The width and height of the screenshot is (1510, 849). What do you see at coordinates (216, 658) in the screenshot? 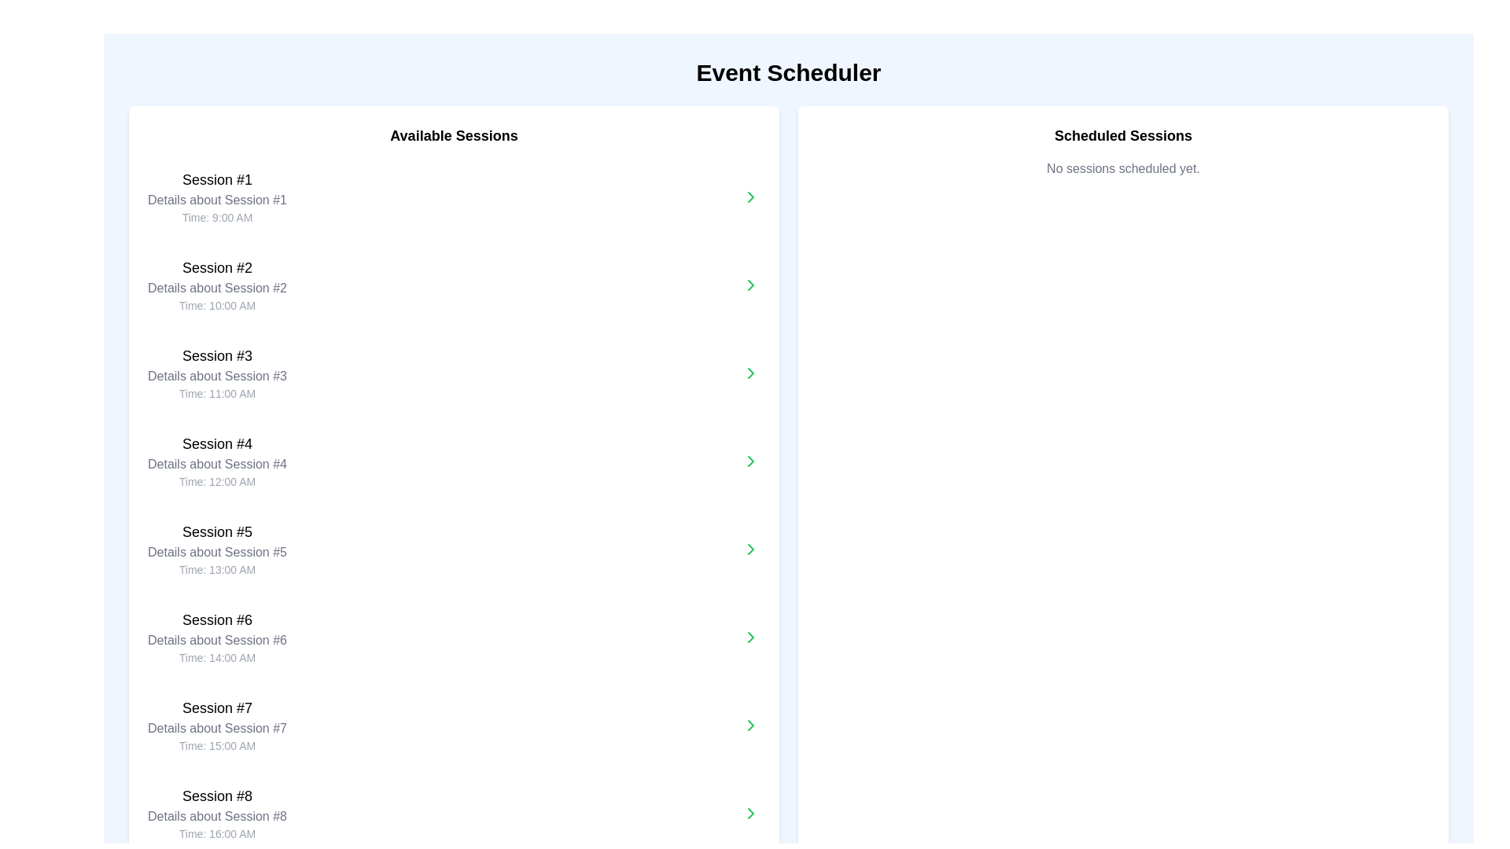
I see `the Text Label that displays the session time '14:00 AM' located under the title 'Session #6' in the 'Available Sessions' column` at bounding box center [216, 658].